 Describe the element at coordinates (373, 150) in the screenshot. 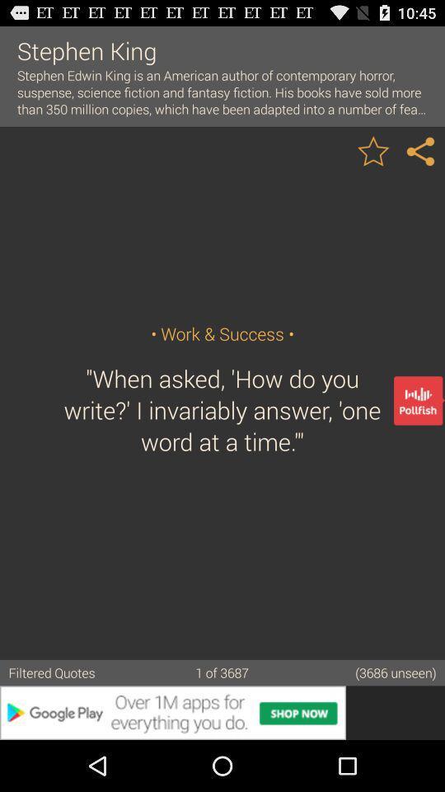

I see `set as favorite` at that location.